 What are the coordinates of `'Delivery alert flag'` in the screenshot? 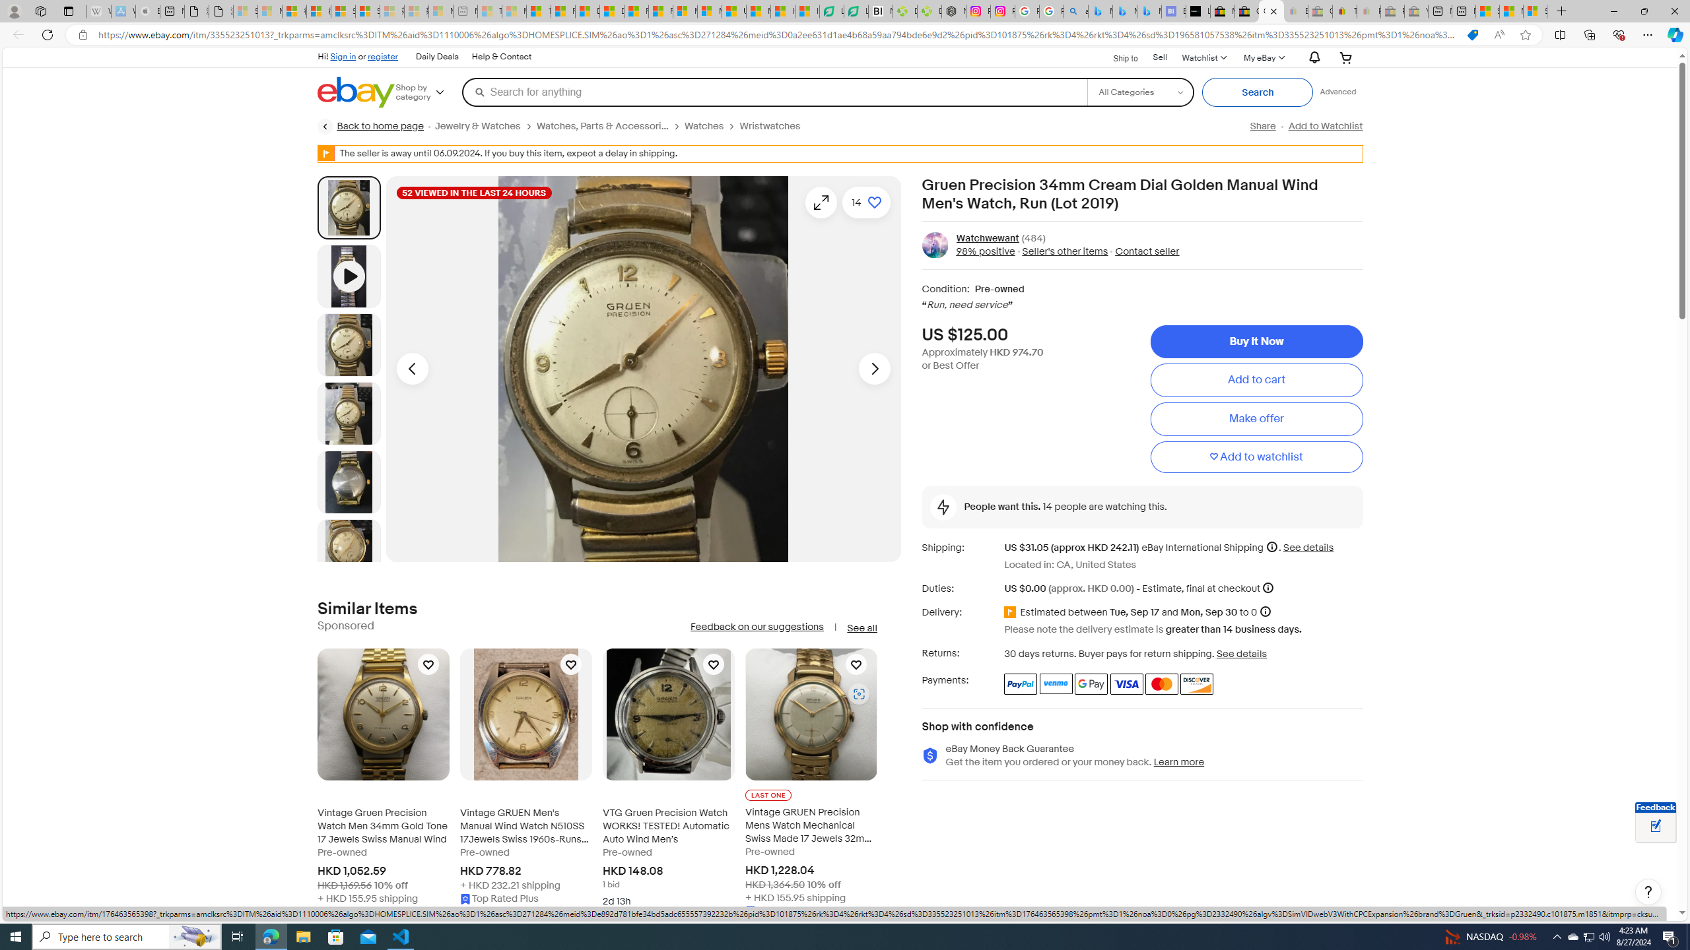 It's located at (1011, 612).